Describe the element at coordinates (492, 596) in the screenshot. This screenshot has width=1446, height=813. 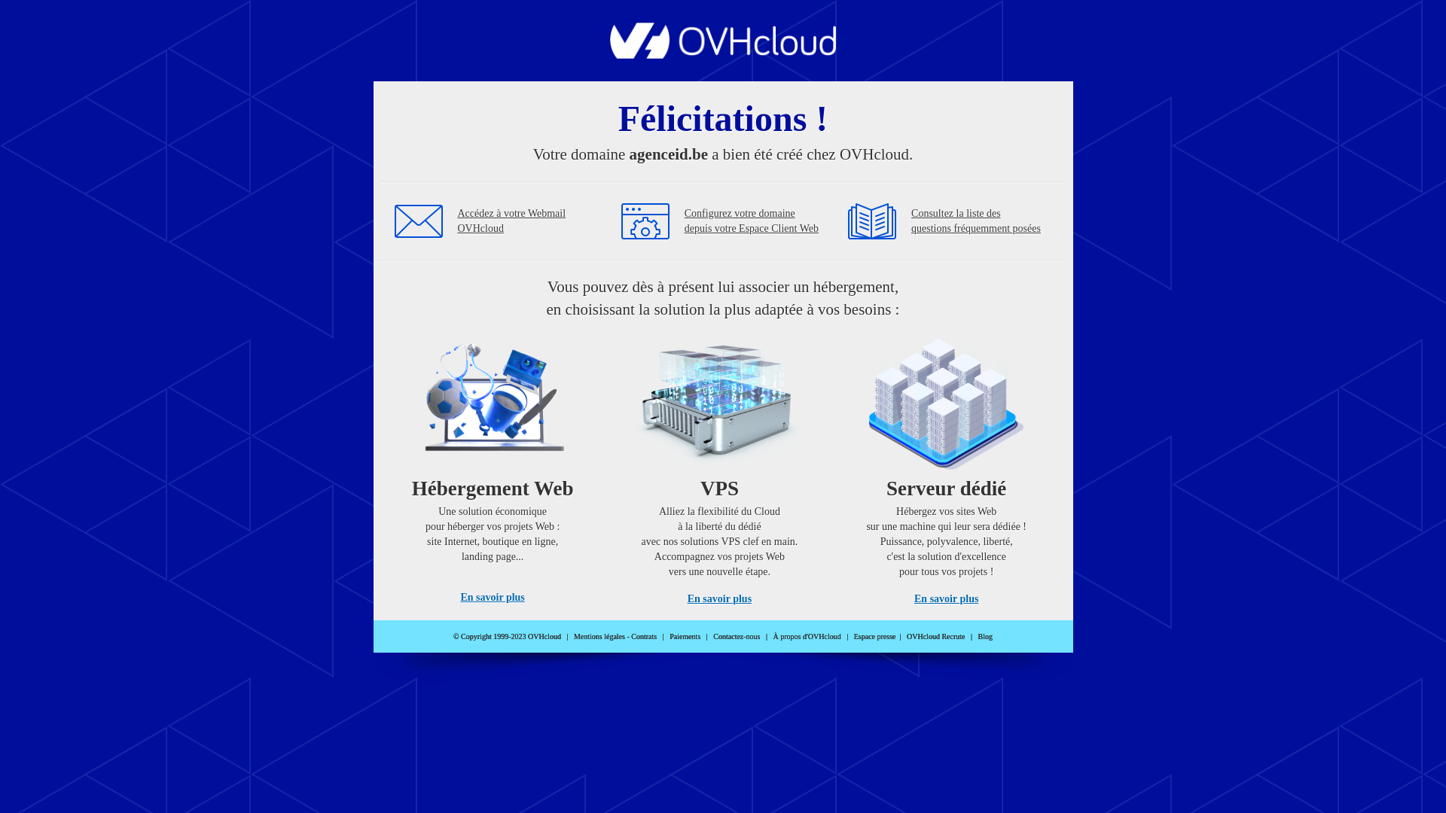
I see `'En savoir plus'` at that location.